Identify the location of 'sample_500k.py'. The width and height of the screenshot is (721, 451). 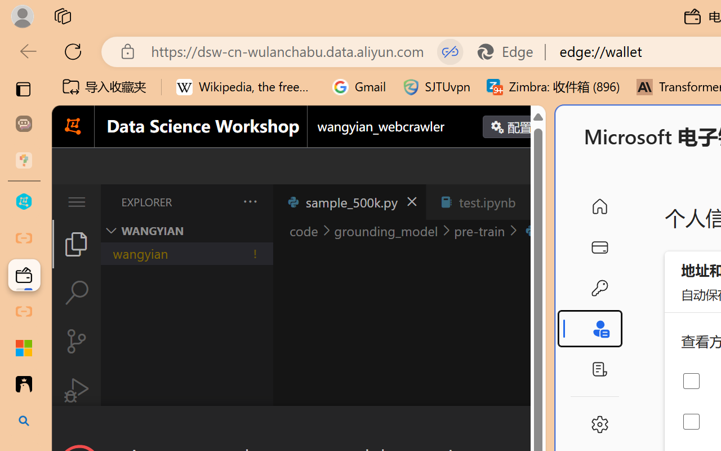
(349, 202).